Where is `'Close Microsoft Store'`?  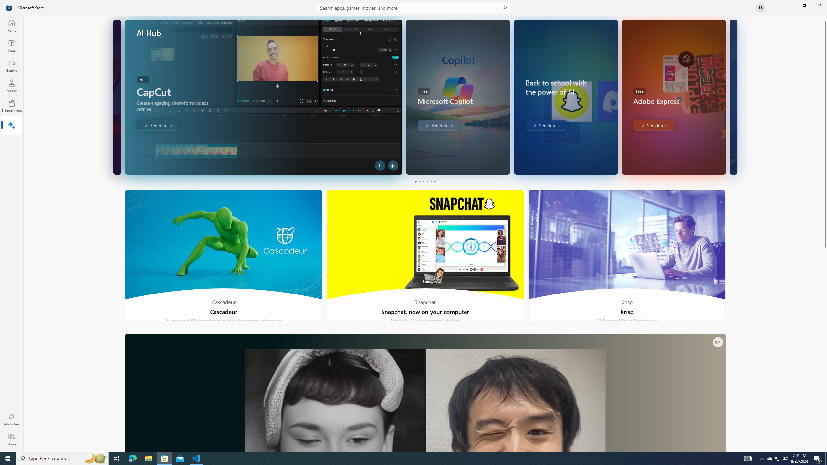 'Close Microsoft Store' is located at coordinates (819, 5).